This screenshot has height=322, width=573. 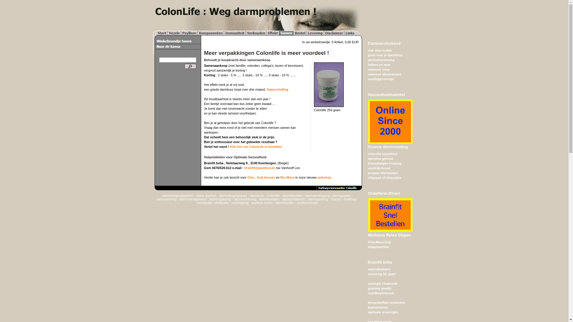 What do you see at coordinates (378, 168) in the screenshot?
I see `'vezelrijk brood'` at bounding box center [378, 168].